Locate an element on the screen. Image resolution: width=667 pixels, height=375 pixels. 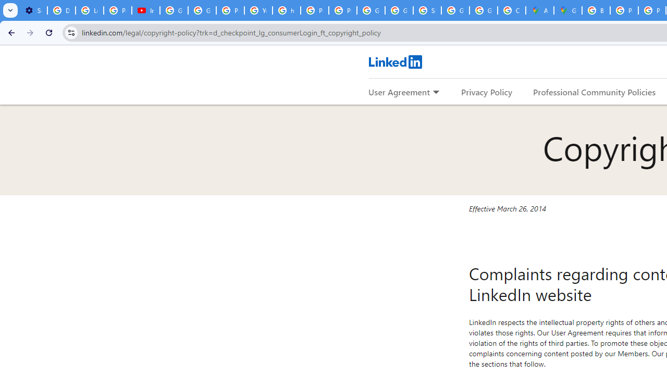
'Sign in - Google Accounts' is located at coordinates (427, 10).